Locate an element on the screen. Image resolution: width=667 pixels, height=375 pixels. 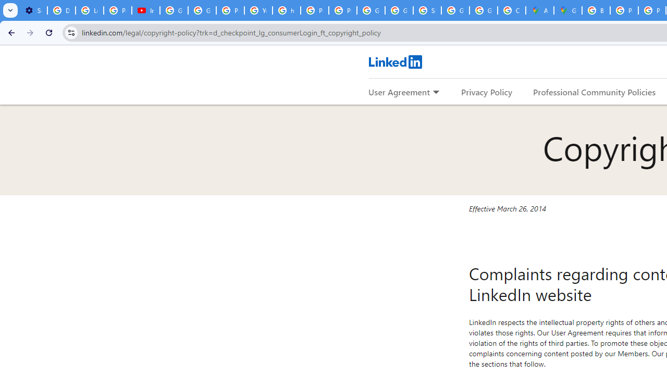
'Sign in - Google Accounts' is located at coordinates (427, 10).